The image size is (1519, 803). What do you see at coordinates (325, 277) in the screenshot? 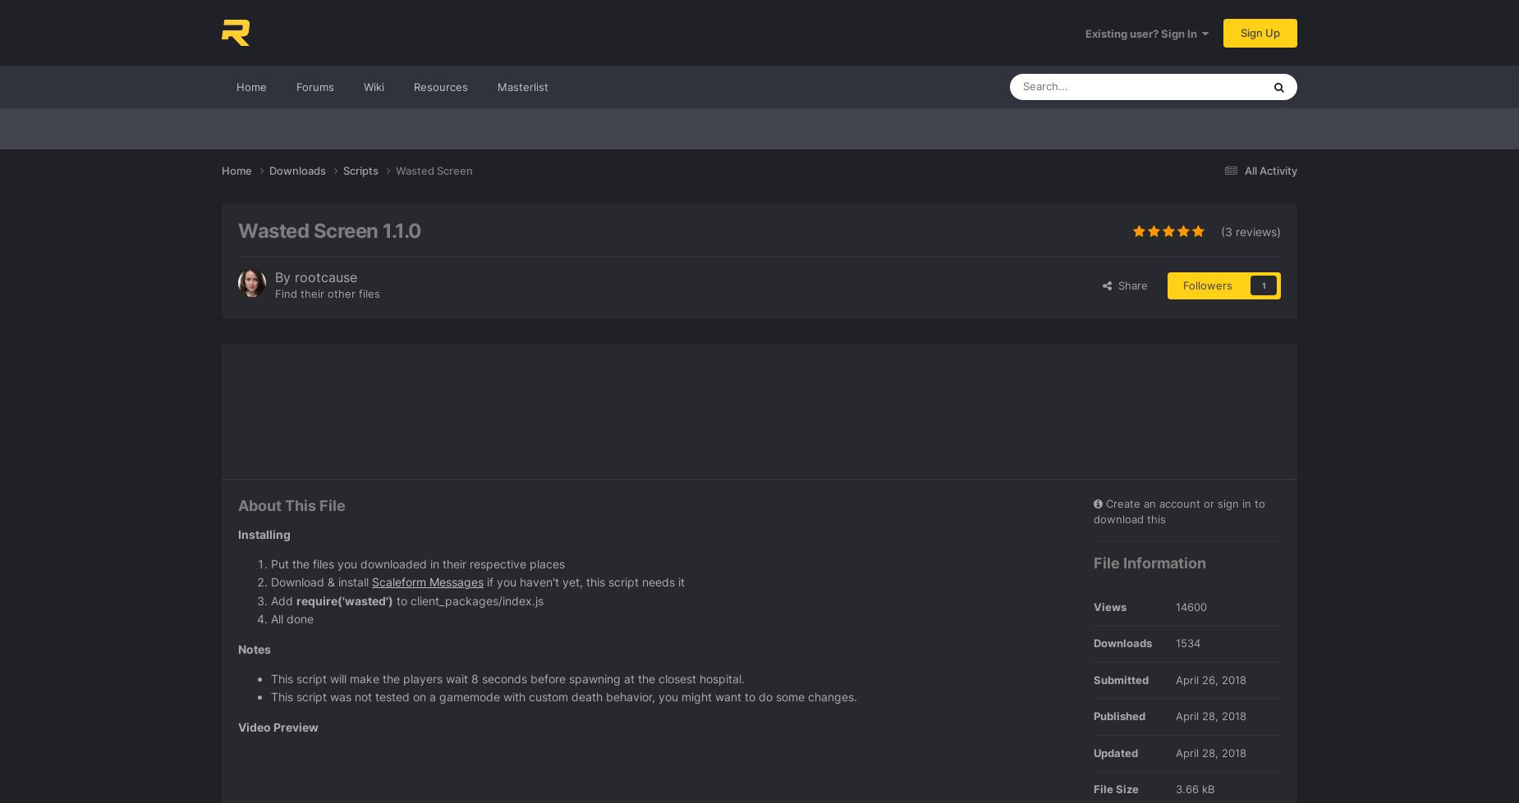
I see `'rootcause'` at bounding box center [325, 277].